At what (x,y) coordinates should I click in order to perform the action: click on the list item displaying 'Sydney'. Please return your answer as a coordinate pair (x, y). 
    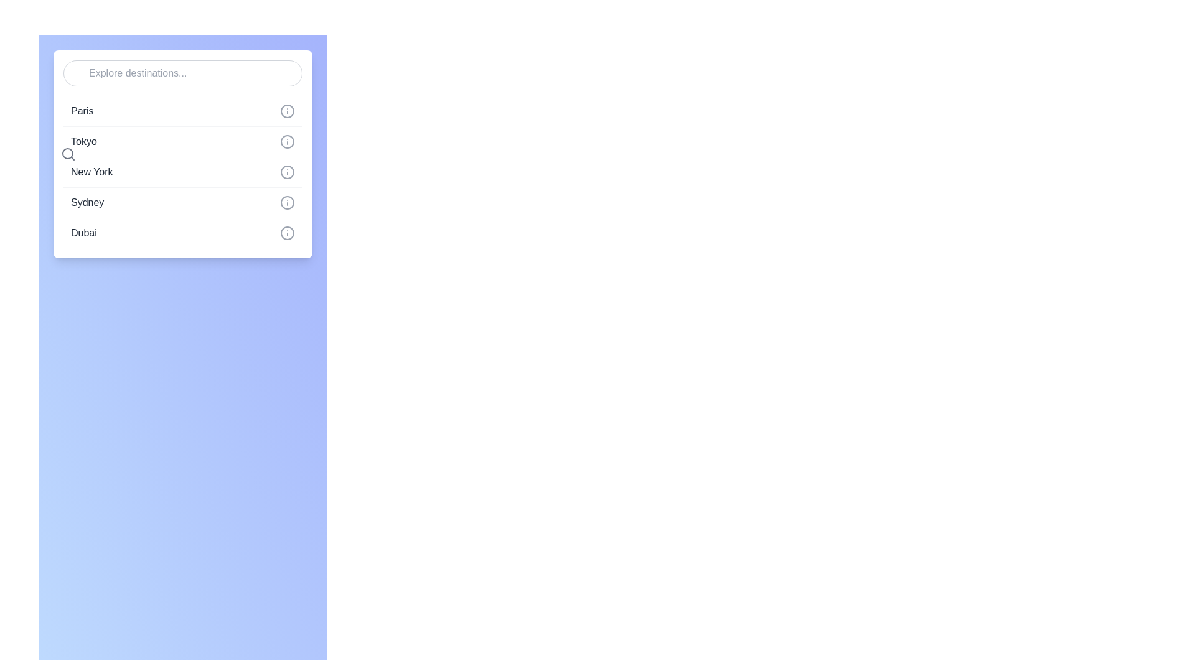
    Looking at the image, I should click on (182, 201).